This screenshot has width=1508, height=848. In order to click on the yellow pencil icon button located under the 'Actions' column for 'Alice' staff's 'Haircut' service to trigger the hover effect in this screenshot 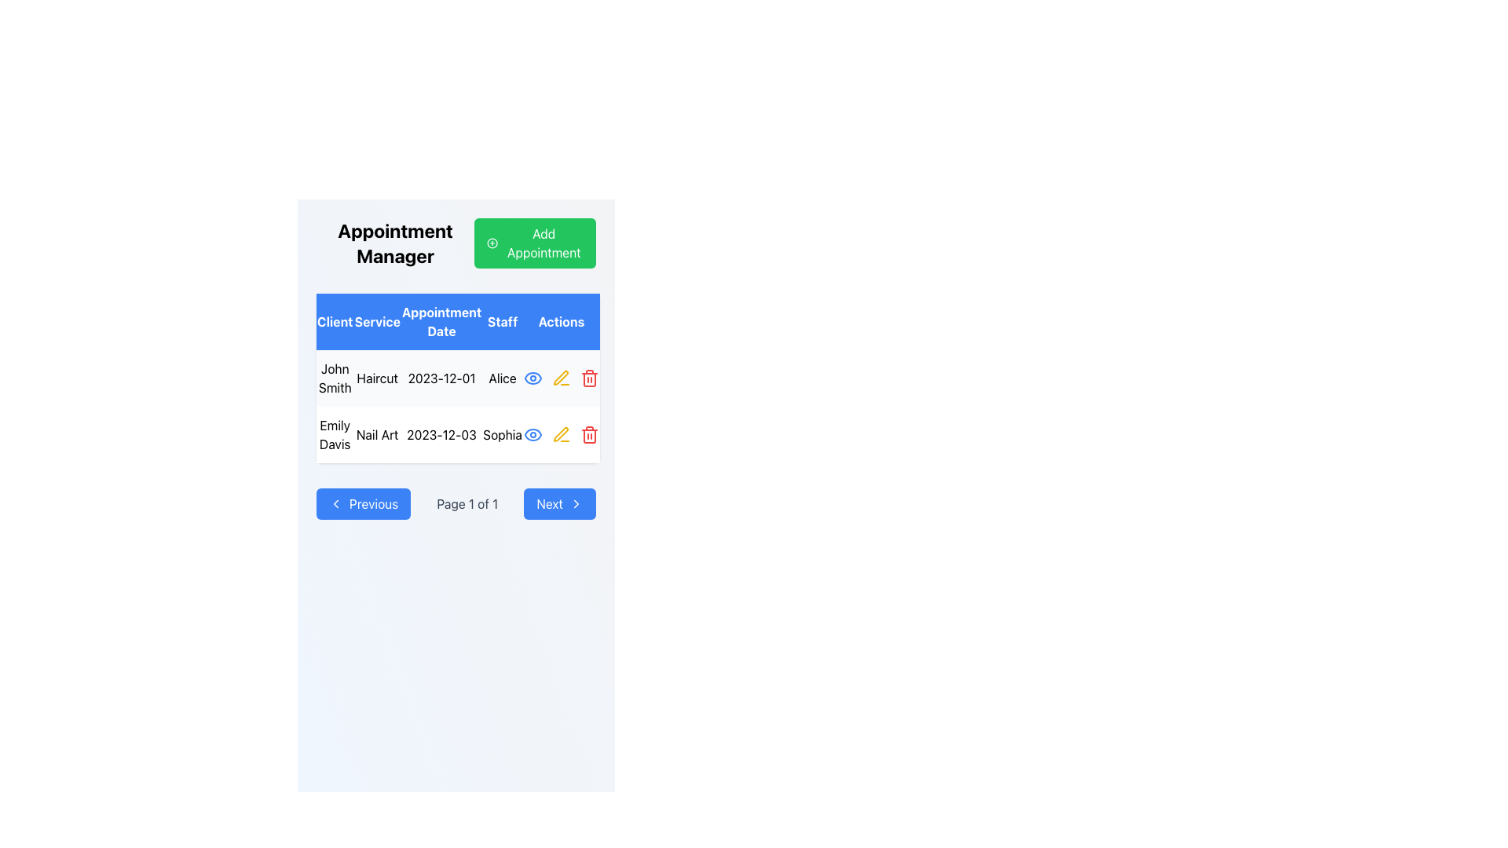, I will do `click(561, 378)`.